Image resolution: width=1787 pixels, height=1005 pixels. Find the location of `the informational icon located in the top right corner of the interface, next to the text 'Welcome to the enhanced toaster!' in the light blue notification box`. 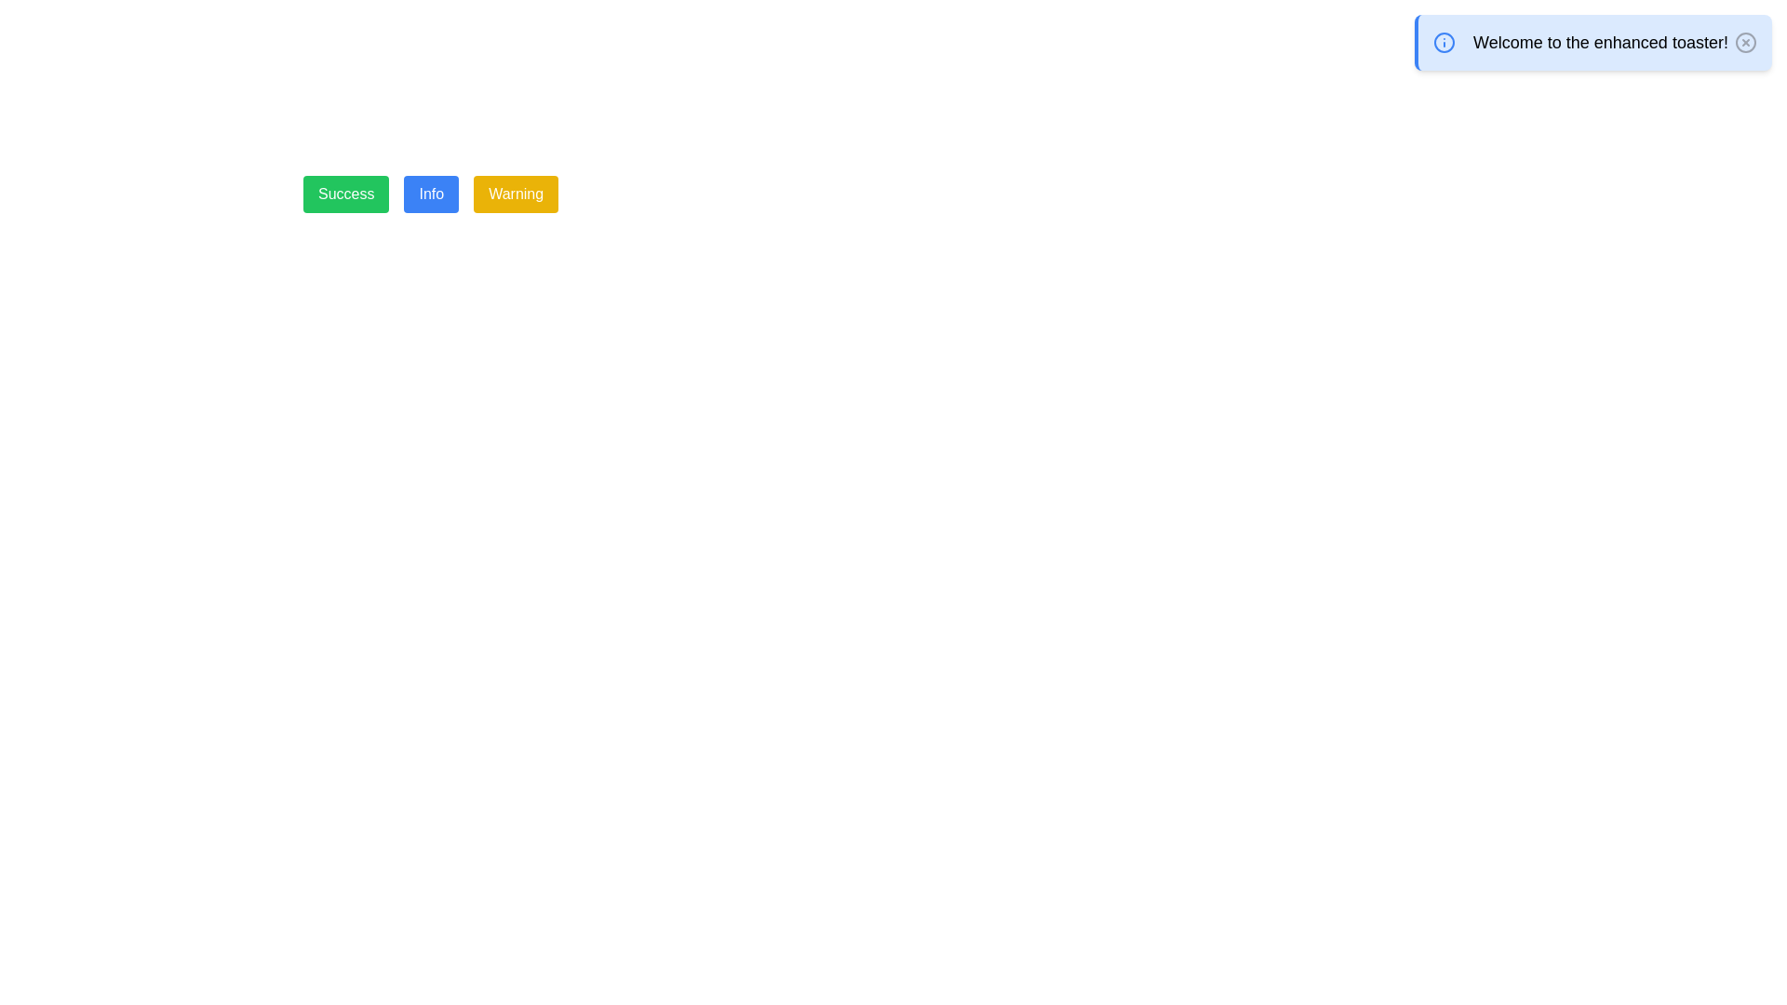

the informational icon located in the top right corner of the interface, next to the text 'Welcome to the enhanced toaster!' in the light blue notification box is located at coordinates (1443, 42).